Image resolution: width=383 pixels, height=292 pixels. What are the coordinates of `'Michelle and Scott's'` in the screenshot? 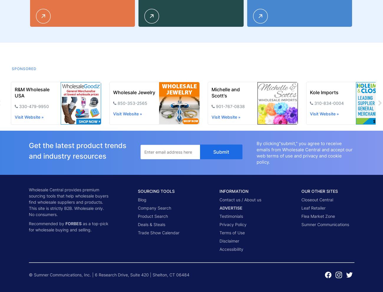 It's located at (225, 92).